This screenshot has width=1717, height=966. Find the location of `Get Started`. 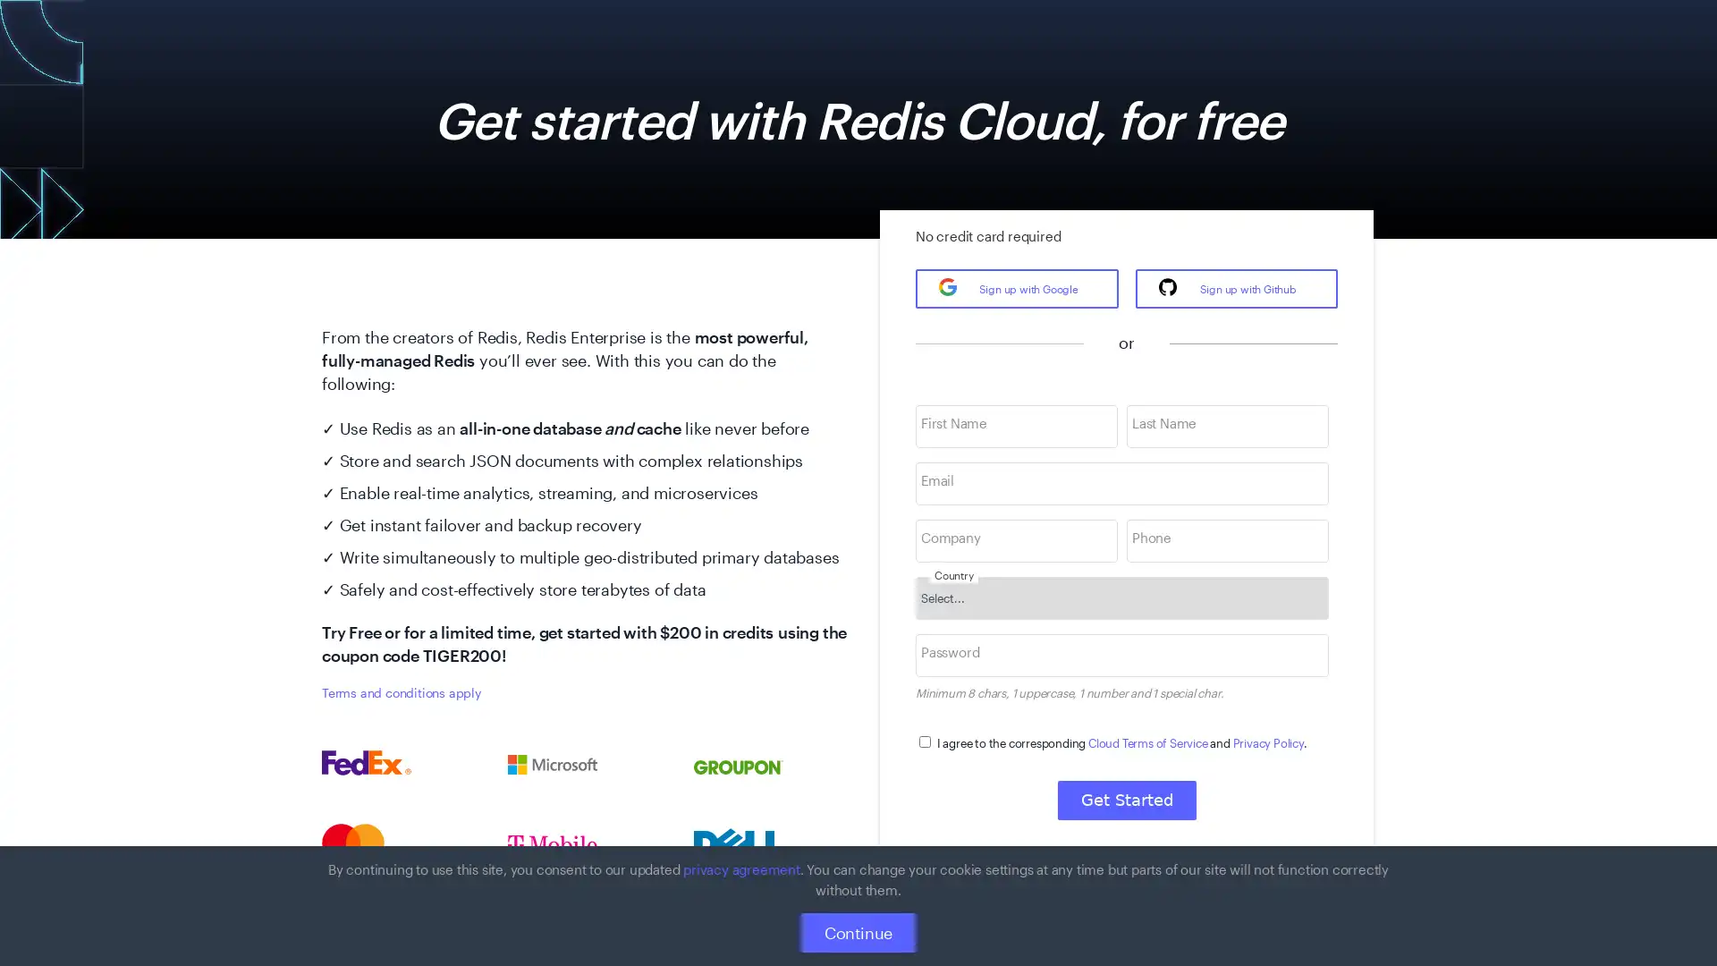

Get Started is located at coordinates (1125, 799).